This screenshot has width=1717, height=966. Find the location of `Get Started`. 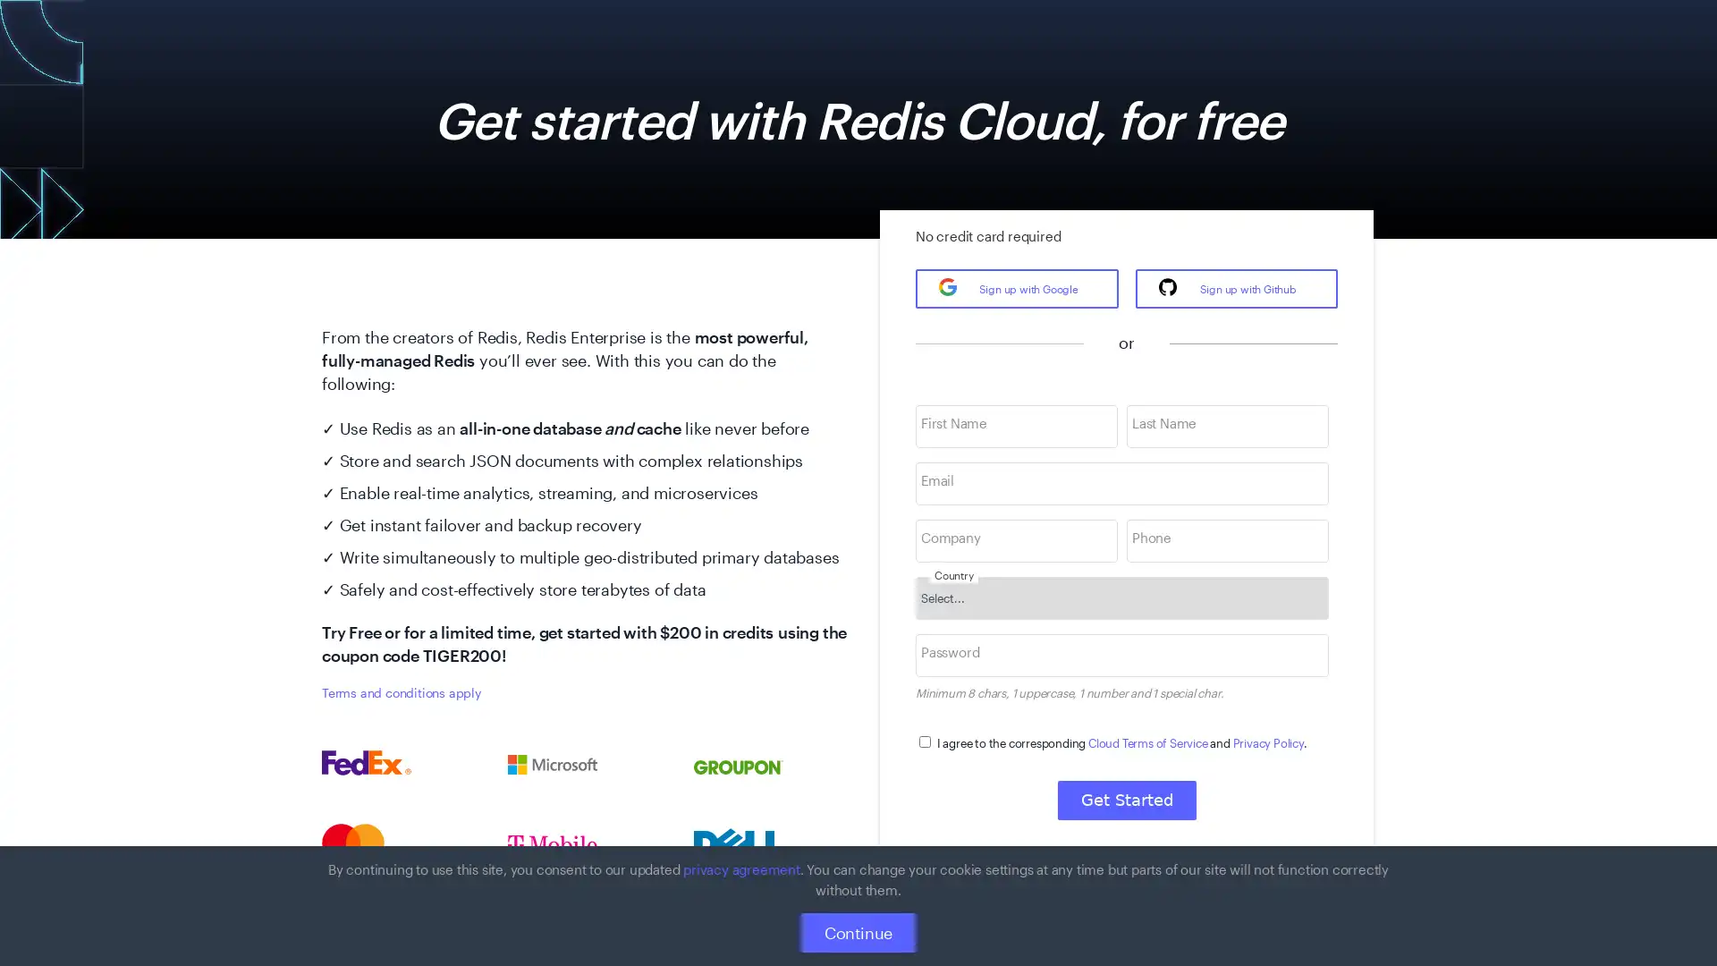

Get Started is located at coordinates (1125, 799).